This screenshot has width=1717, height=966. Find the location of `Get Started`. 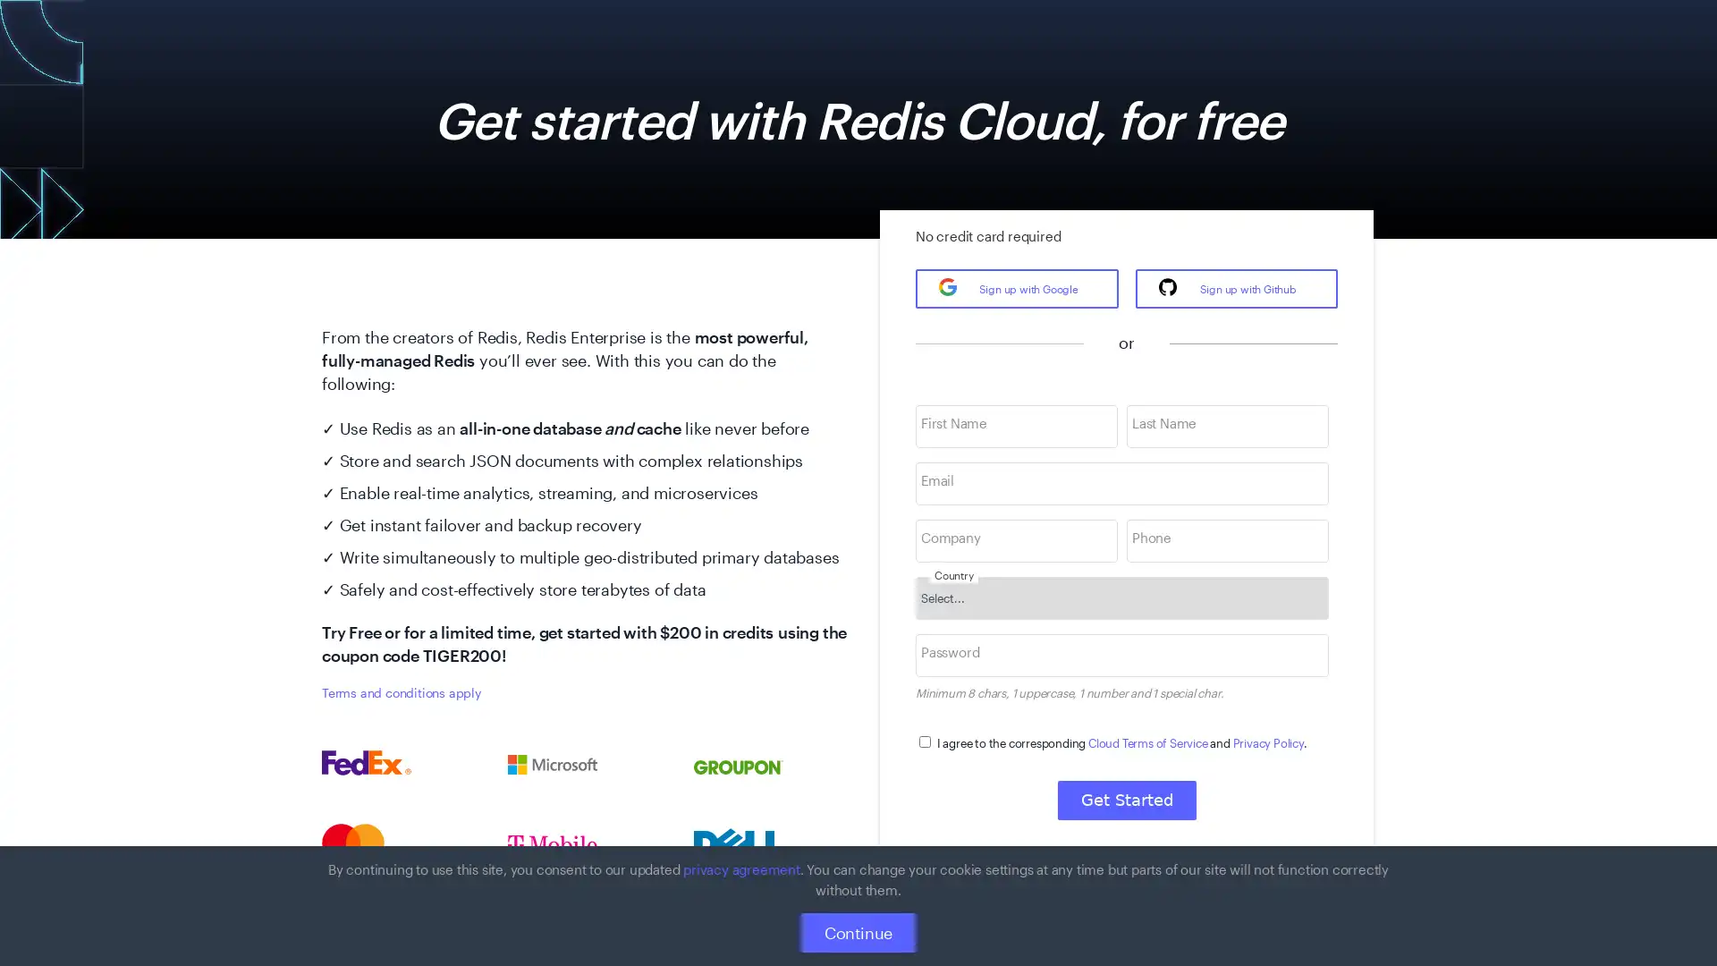

Get Started is located at coordinates (1125, 799).